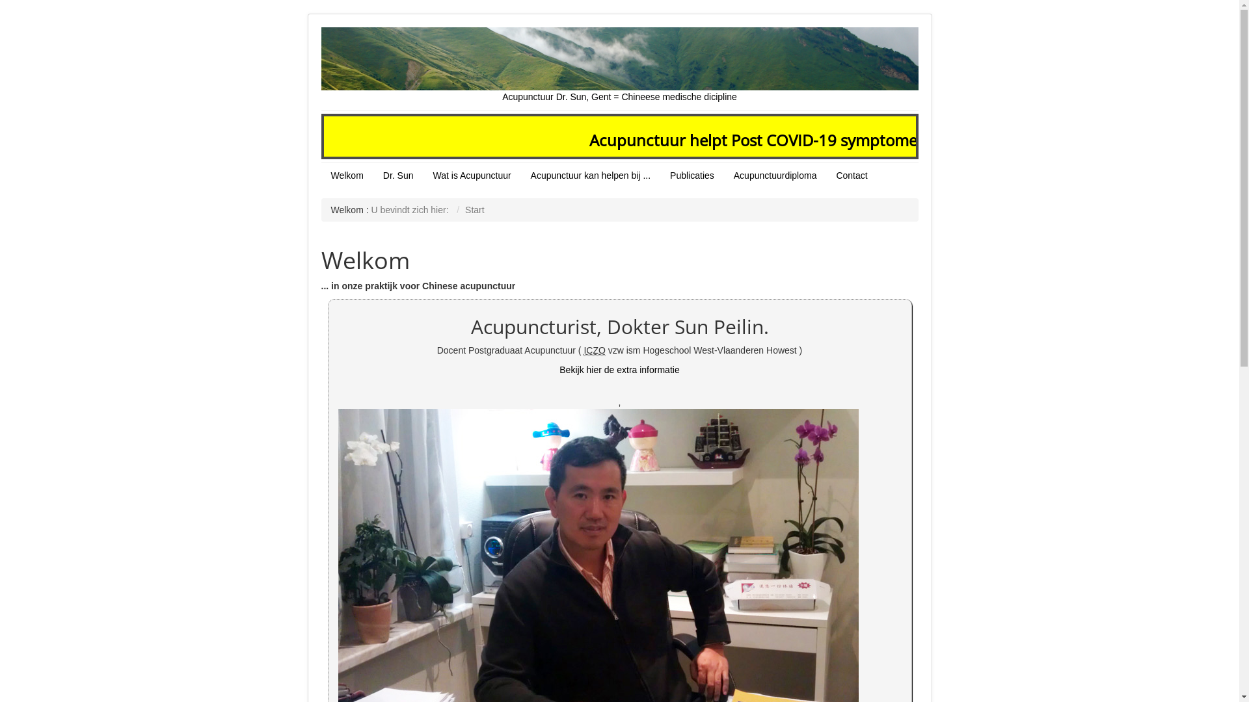 This screenshot has width=1249, height=702. Describe the element at coordinates (775, 175) in the screenshot. I see `'Acupunctuurdiploma'` at that location.